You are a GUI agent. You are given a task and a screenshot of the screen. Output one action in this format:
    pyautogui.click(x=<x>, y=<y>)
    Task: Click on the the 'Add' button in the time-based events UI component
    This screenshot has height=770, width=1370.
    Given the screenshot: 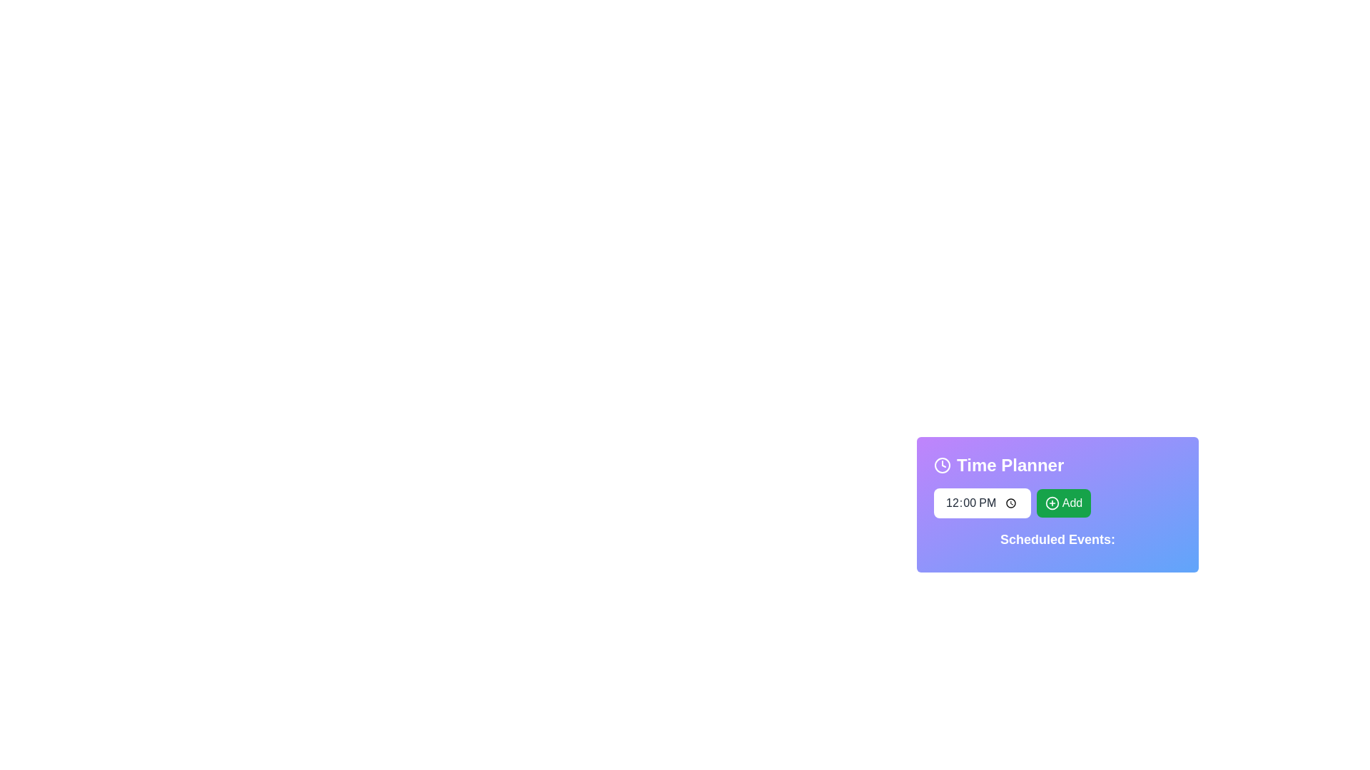 What is the action you would take?
    pyautogui.click(x=1057, y=498)
    